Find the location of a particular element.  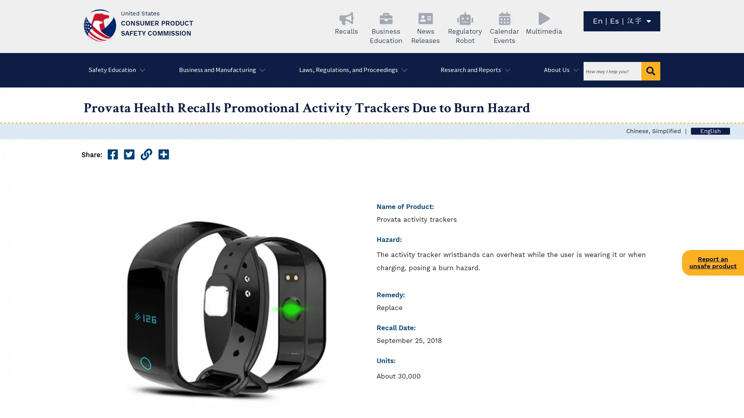

Safety Education is located at coordinates (114, 70).